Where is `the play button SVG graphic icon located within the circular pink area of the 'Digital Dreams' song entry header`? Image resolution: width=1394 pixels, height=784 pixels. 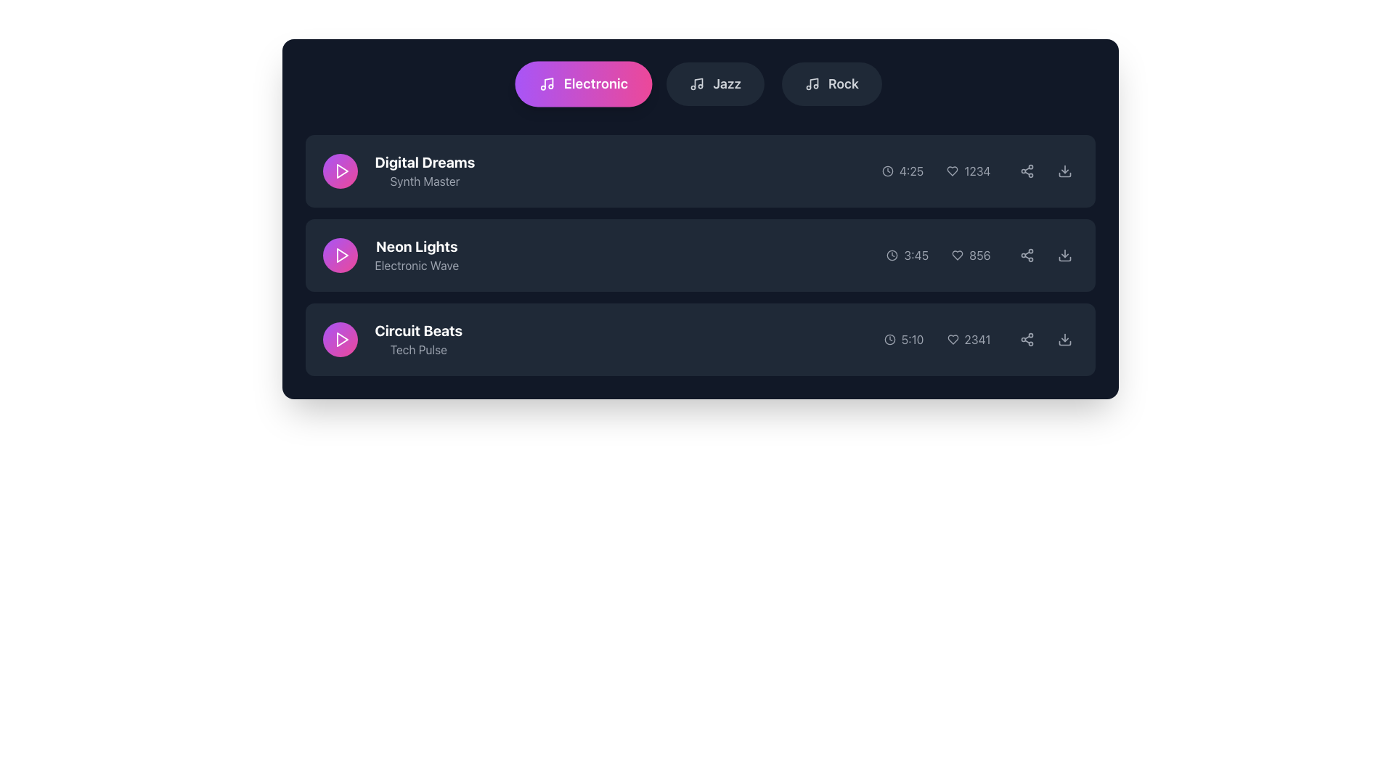 the play button SVG graphic icon located within the circular pink area of the 'Digital Dreams' song entry header is located at coordinates (341, 170).